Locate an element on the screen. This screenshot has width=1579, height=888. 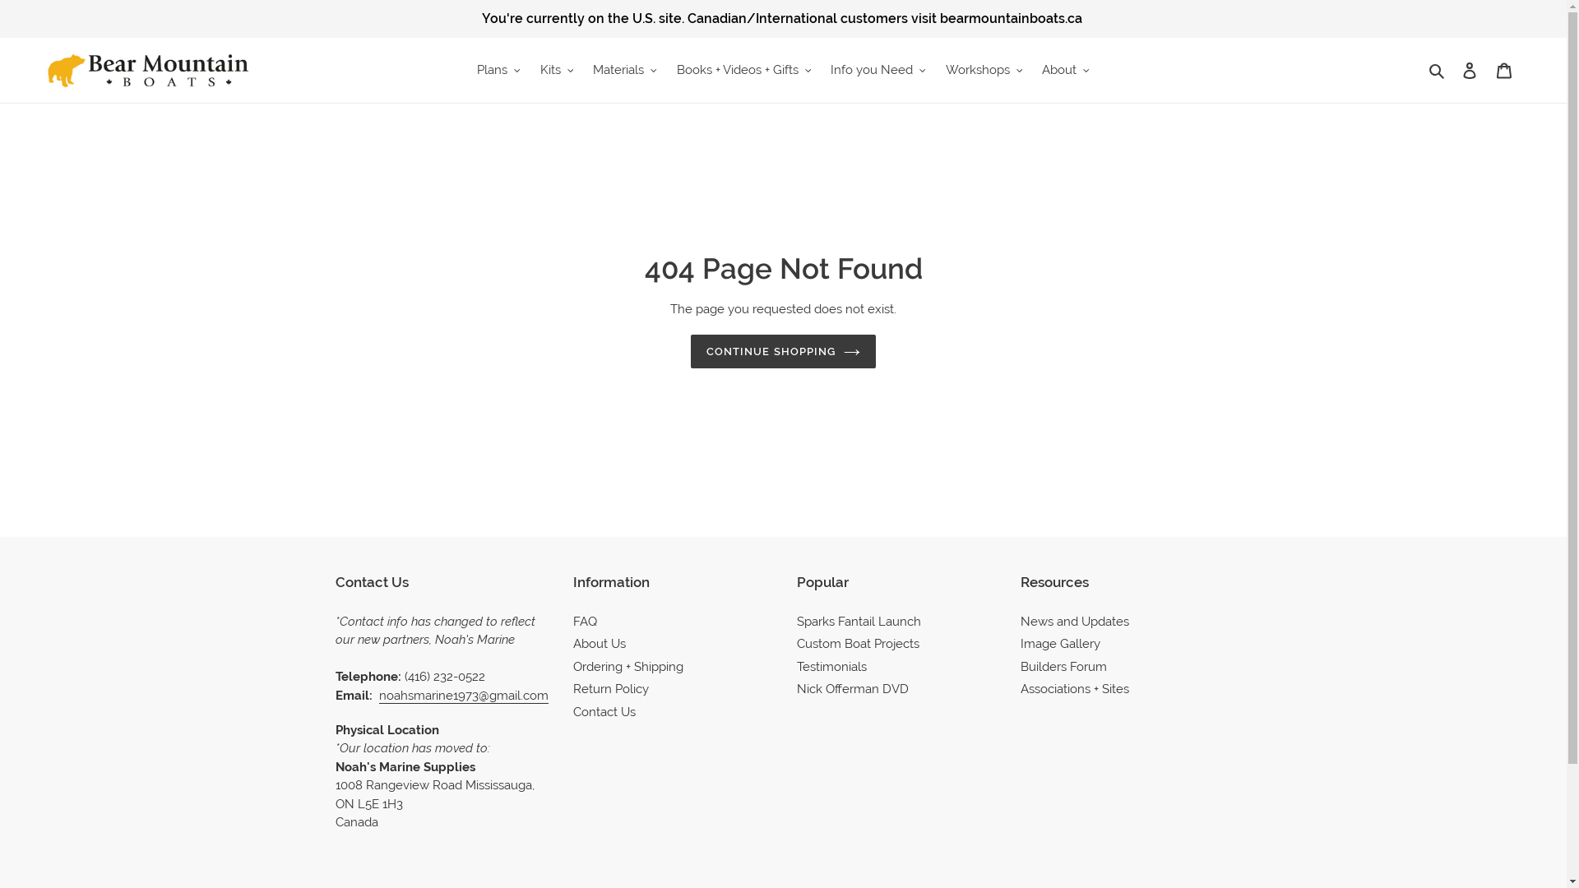
'Contact Us' is located at coordinates (603, 711).